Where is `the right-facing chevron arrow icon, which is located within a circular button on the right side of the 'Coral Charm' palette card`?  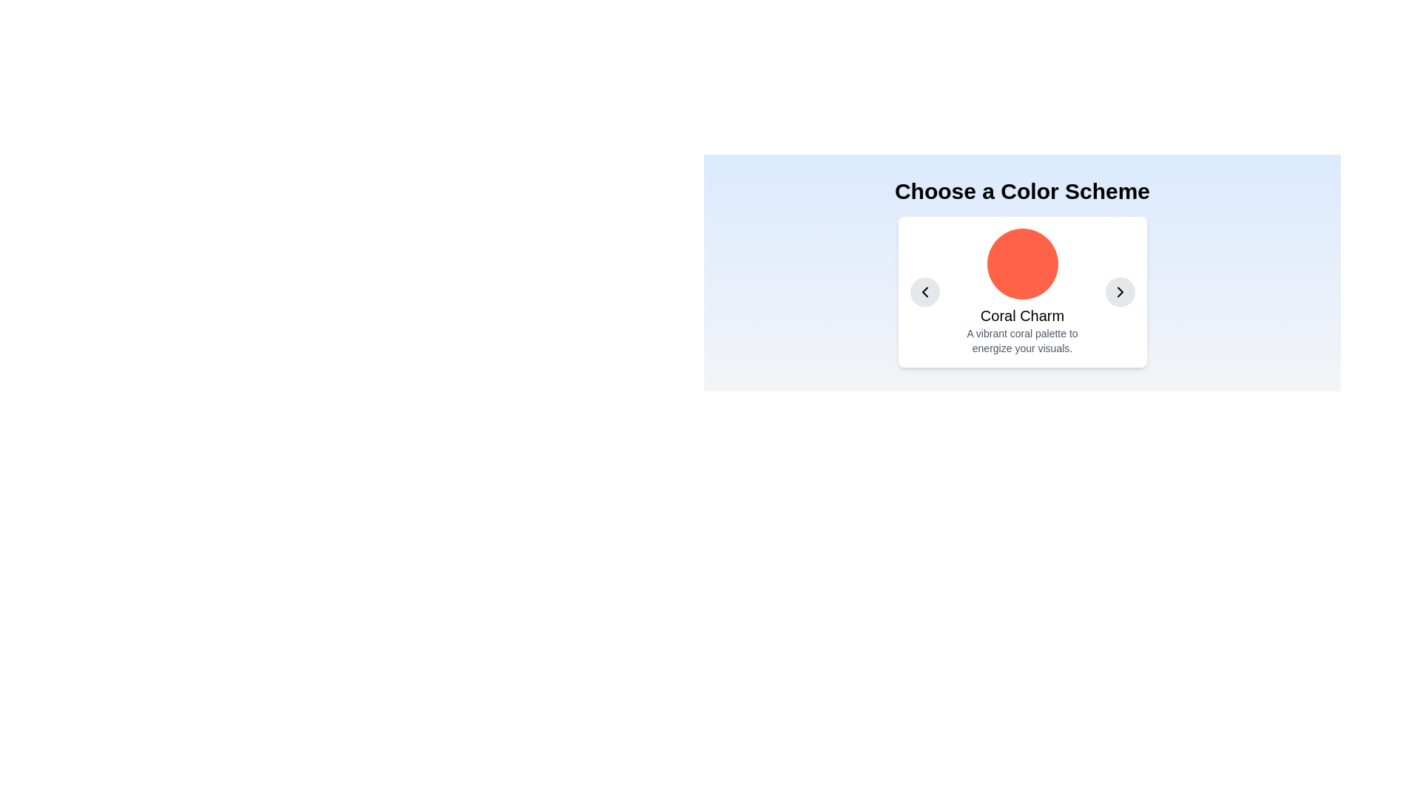 the right-facing chevron arrow icon, which is located within a circular button on the right side of the 'Coral Charm' palette card is located at coordinates (1120, 291).